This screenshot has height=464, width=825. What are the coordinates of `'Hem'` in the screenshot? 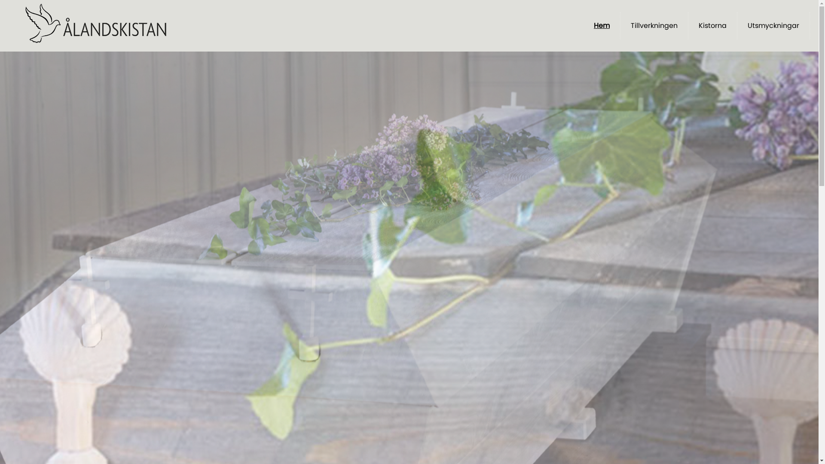 It's located at (601, 25).